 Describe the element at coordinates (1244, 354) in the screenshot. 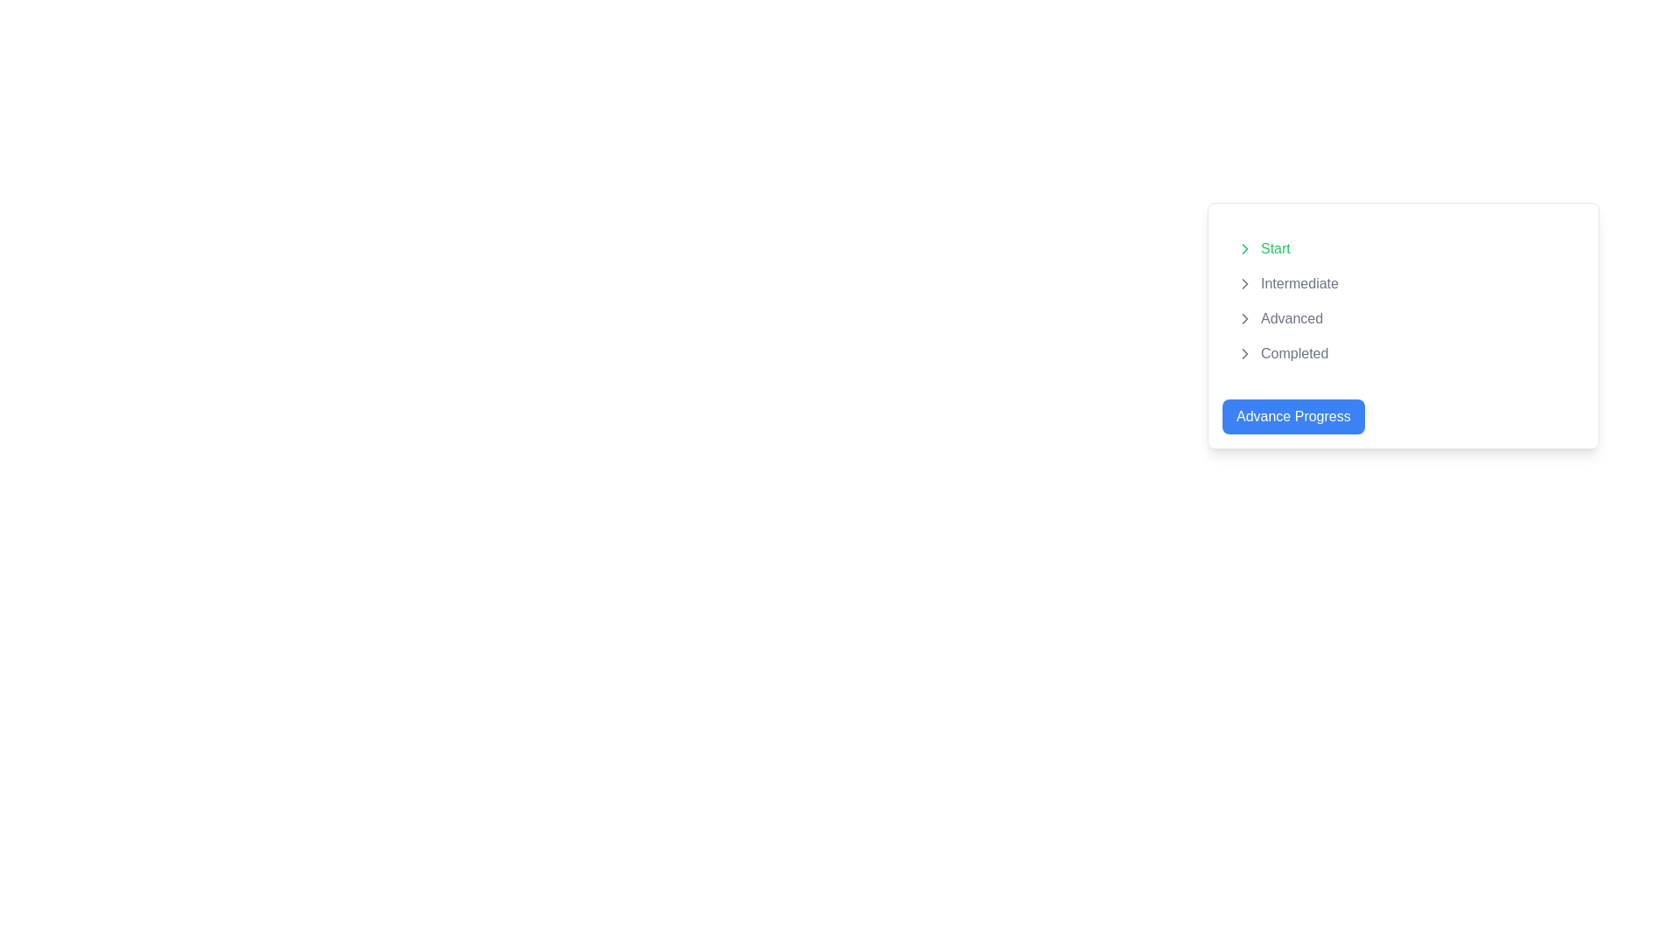

I see `the chevron arrow icon located to the left of the 'Start' text item` at that location.